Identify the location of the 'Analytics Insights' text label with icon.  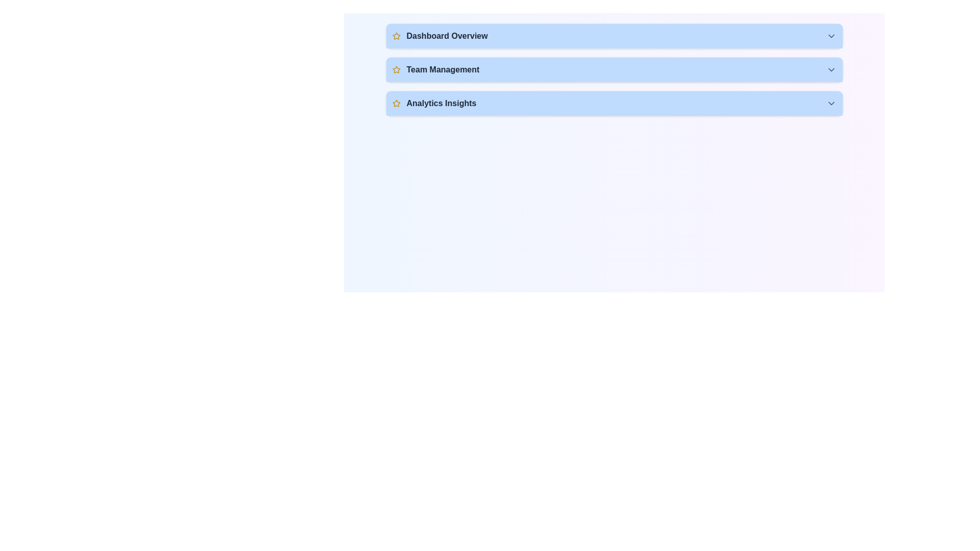
(434, 104).